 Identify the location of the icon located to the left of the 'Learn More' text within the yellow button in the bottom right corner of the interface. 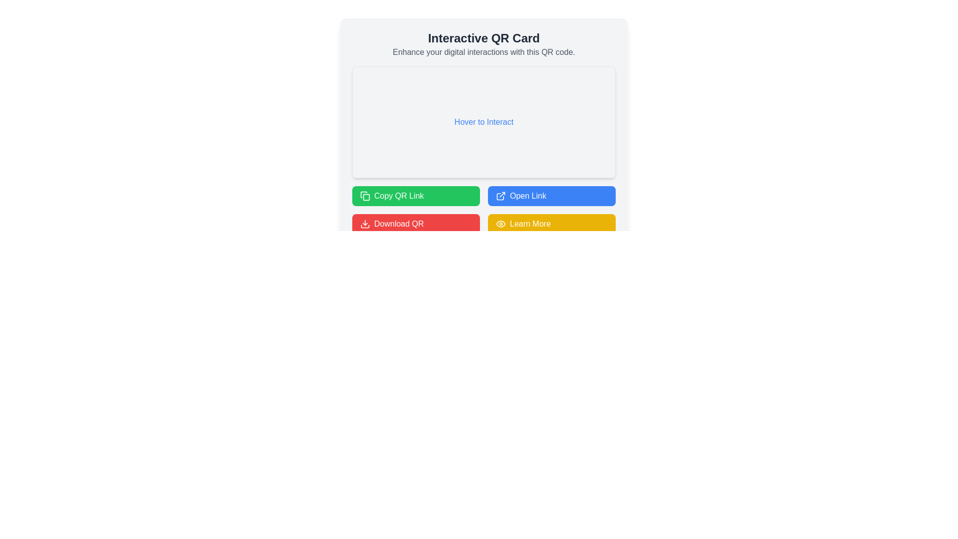
(500, 223).